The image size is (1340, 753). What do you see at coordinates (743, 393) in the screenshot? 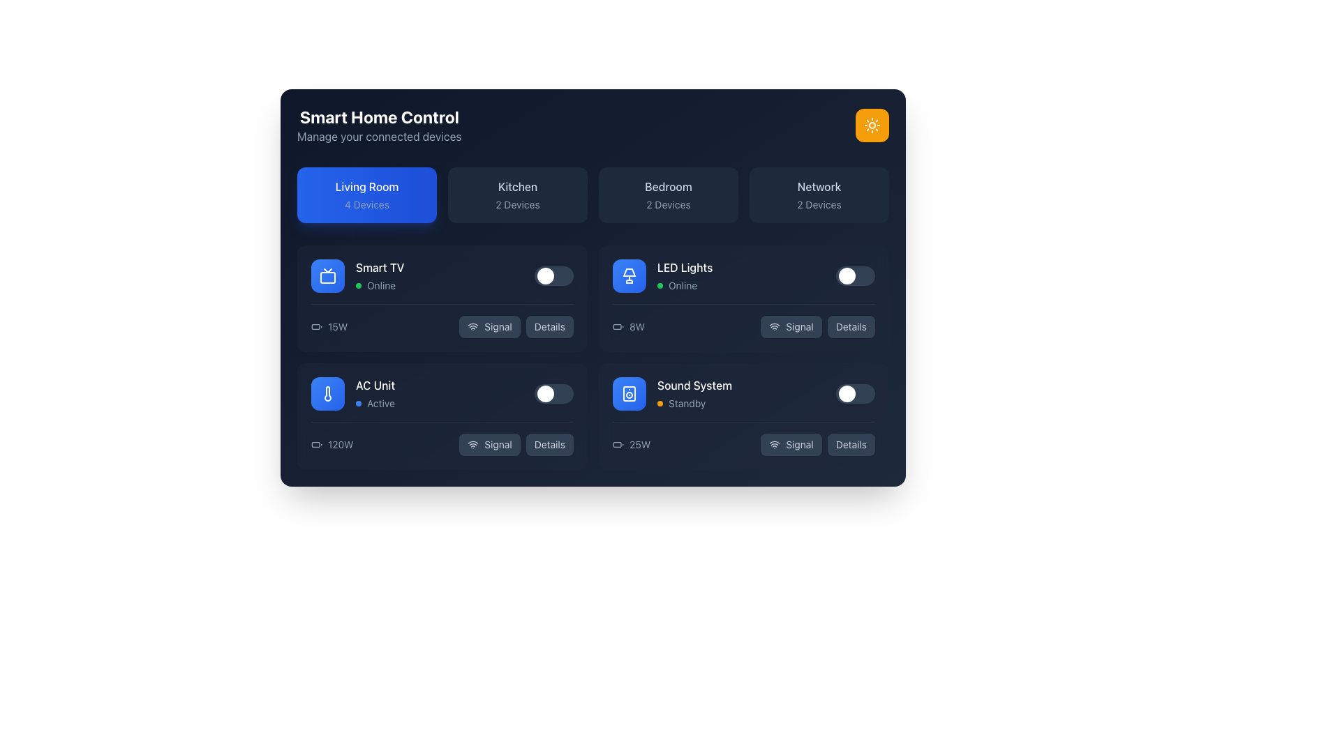
I see `the 'Sound System' device card located in the lower row of the 'Living Room' section of the smart home interface` at bounding box center [743, 393].